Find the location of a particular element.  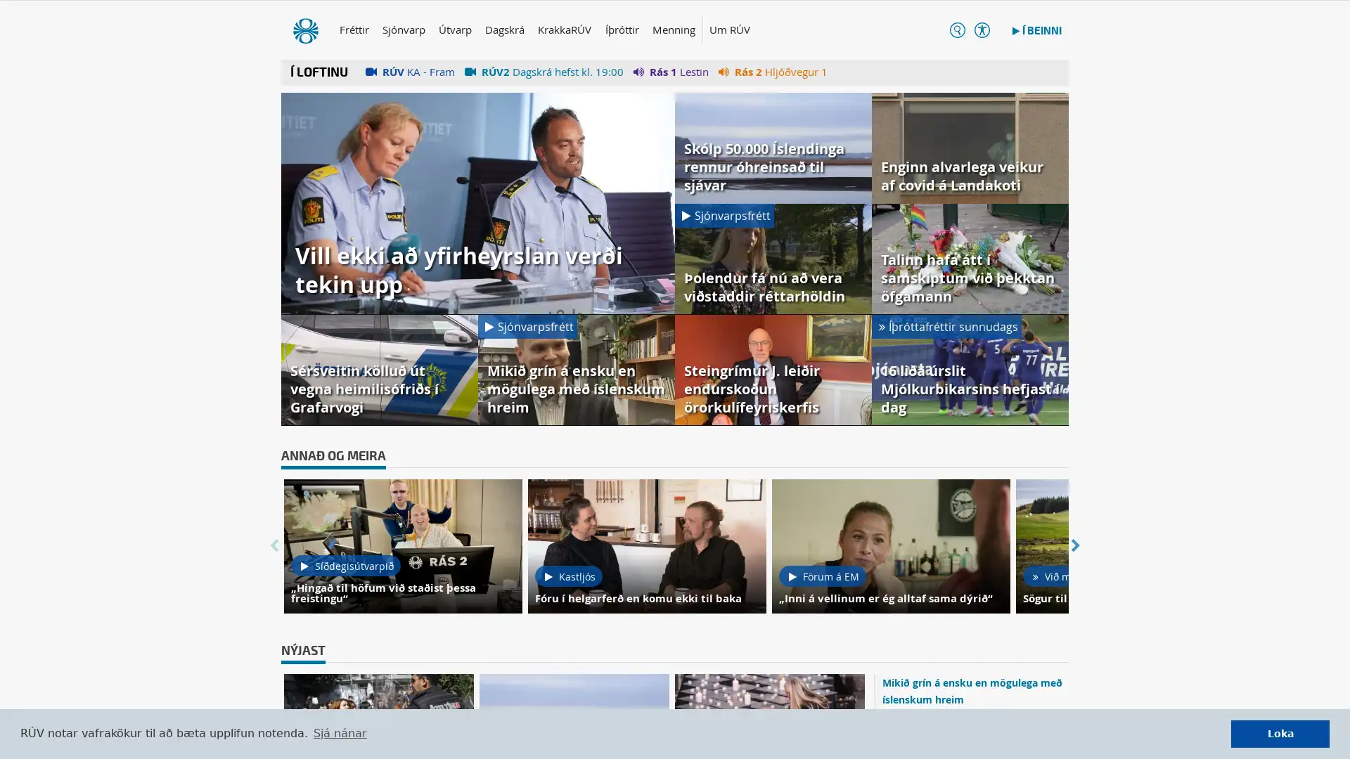

dismiss cookie message is located at coordinates (1280, 733).